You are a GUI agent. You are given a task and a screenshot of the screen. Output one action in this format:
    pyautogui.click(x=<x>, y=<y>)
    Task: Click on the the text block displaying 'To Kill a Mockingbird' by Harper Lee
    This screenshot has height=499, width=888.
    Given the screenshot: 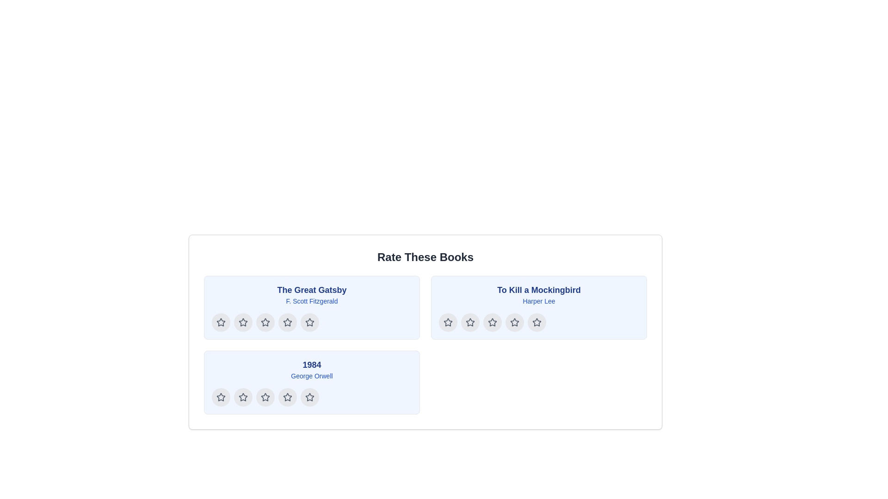 What is the action you would take?
    pyautogui.click(x=539, y=294)
    